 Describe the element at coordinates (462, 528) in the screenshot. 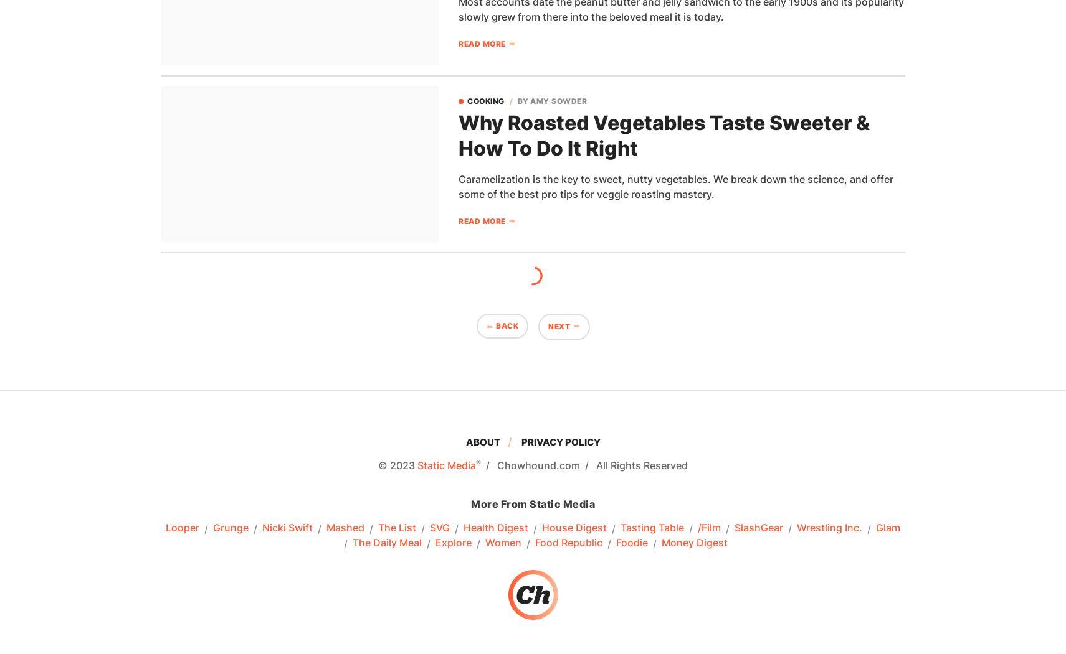

I see `'Health Digest'` at that location.